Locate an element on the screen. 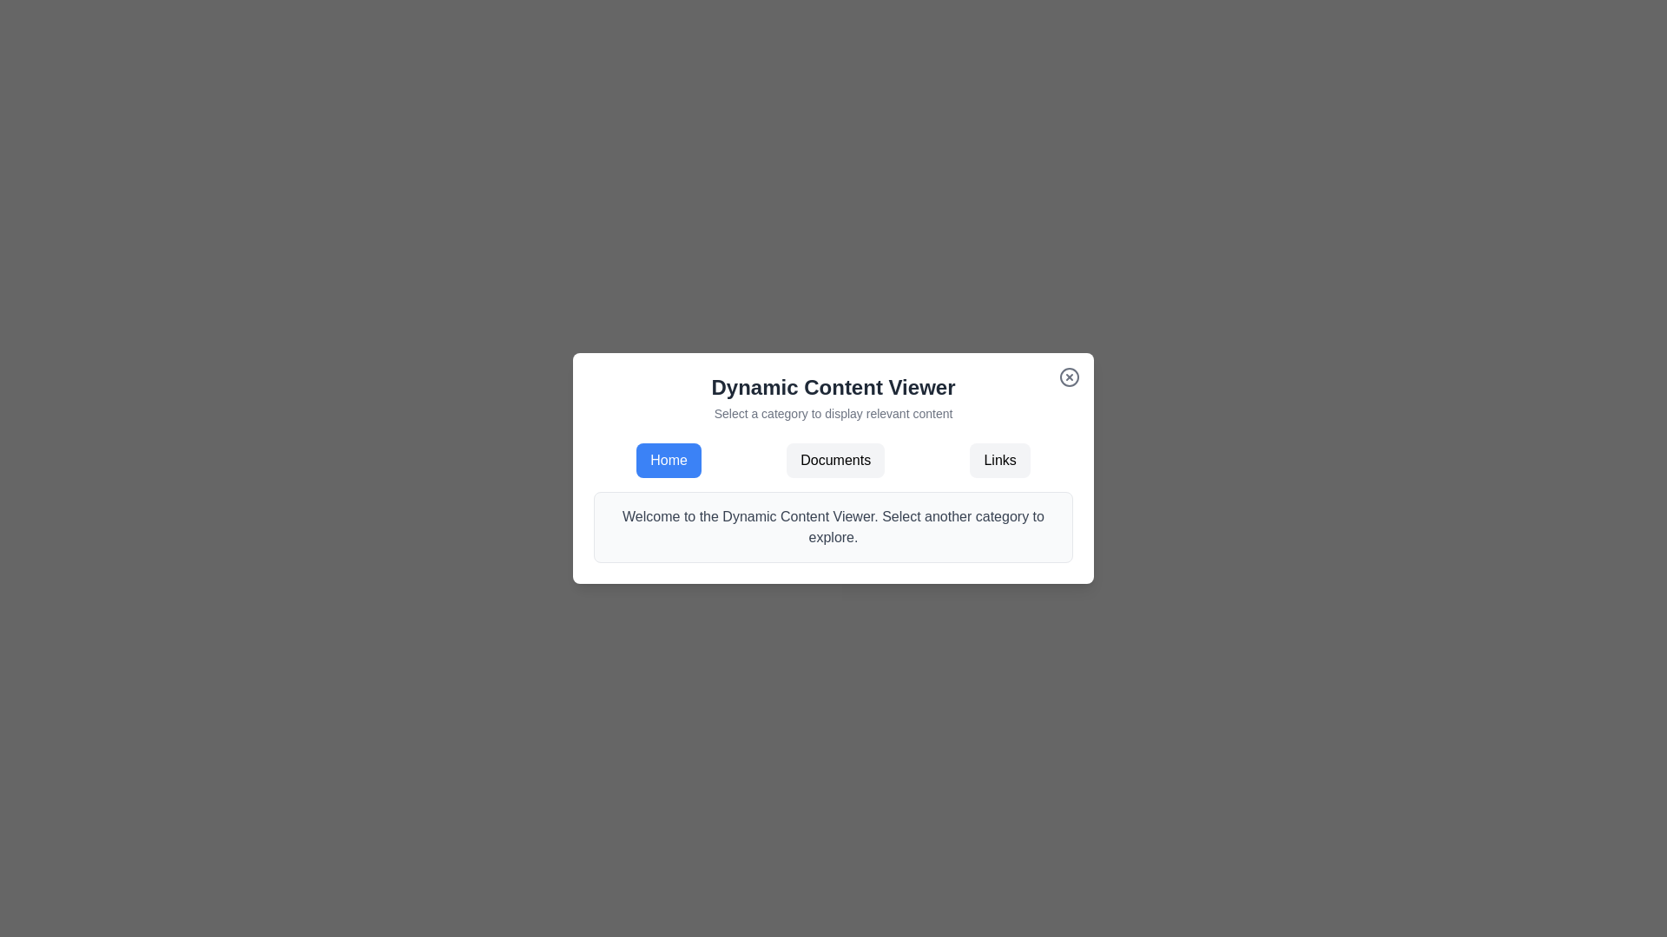 This screenshot has width=1667, height=937. the 'Documents' button, which is a text button with a rounded rectangular shape and changes color upon hover is located at coordinates (833, 468).